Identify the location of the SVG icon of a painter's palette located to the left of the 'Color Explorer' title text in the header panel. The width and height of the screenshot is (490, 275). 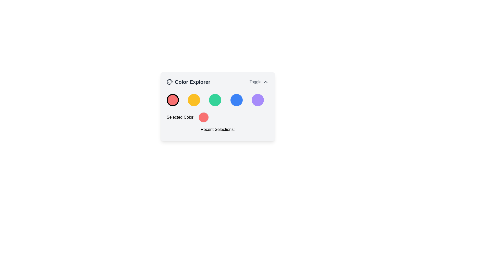
(170, 81).